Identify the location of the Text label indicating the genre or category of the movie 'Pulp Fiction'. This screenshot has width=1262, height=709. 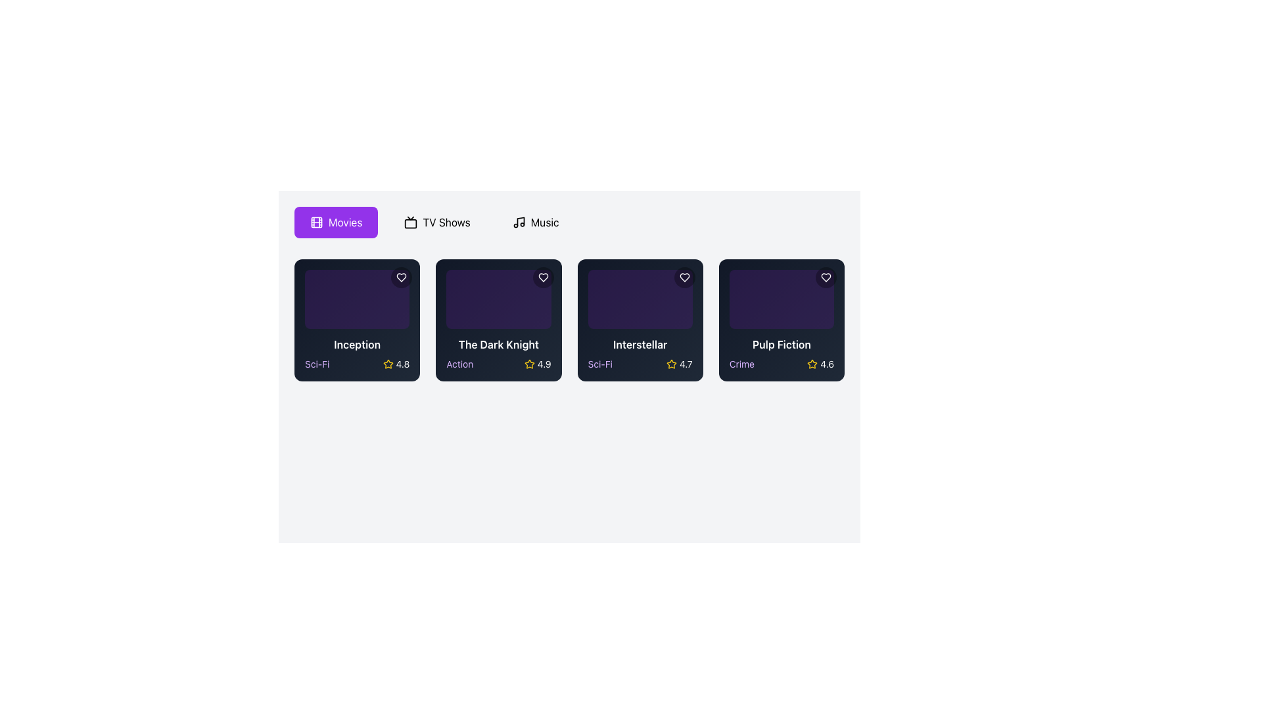
(741, 364).